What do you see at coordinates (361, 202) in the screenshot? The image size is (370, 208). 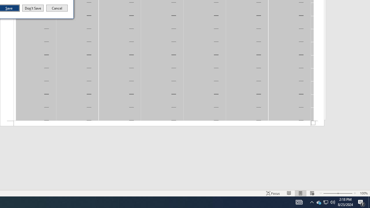 I see `'Zoom In'` at bounding box center [361, 202].